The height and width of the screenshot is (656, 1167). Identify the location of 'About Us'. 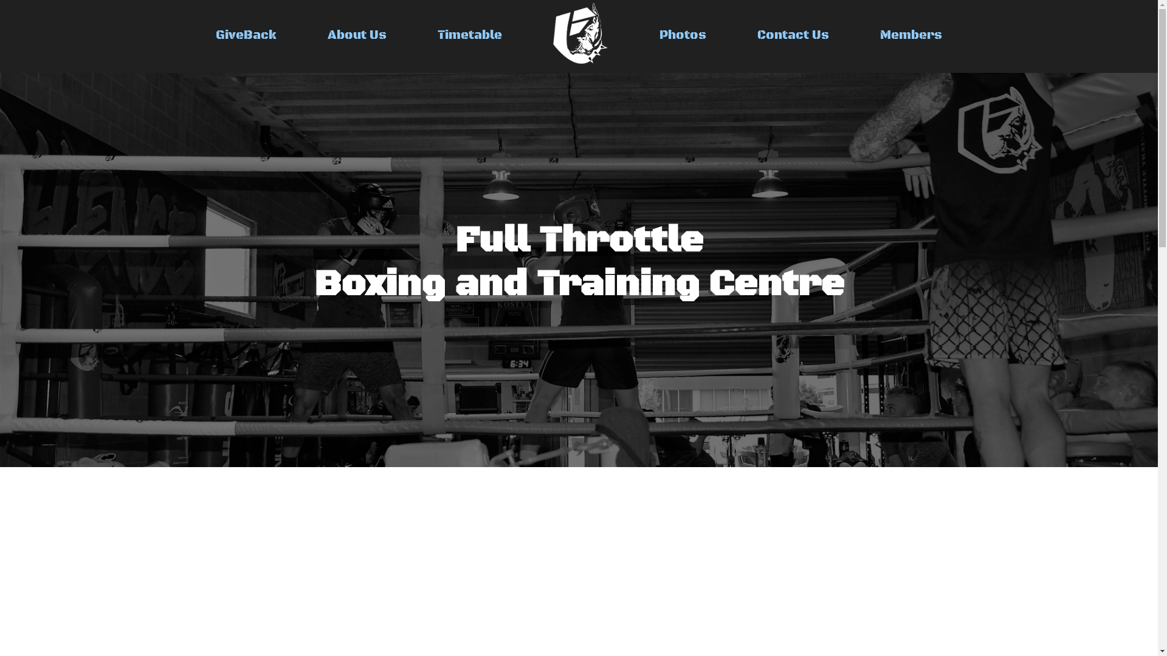
(356, 35).